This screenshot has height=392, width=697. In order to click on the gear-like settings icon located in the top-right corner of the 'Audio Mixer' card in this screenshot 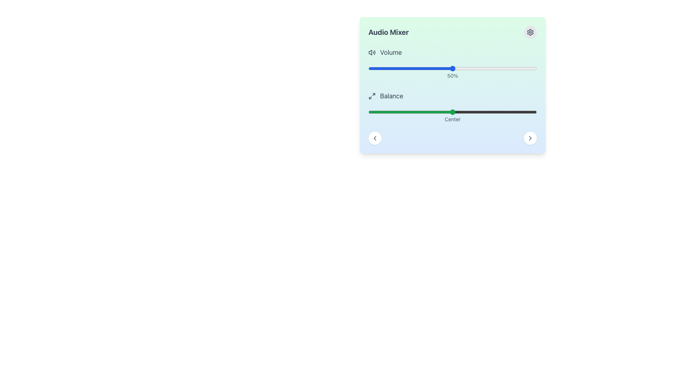, I will do `click(530, 32)`.